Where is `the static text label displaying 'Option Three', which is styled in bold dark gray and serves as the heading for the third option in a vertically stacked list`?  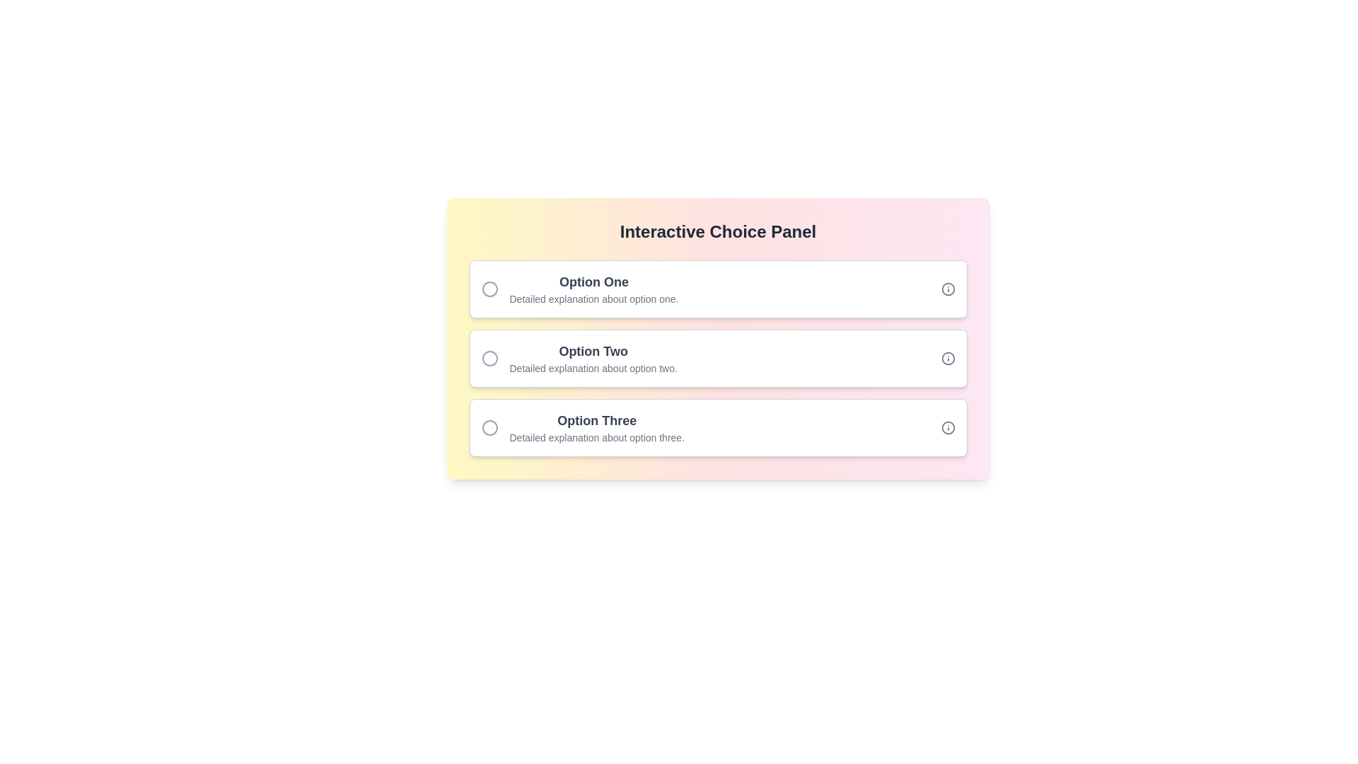
the static text label displaying 'Option Three', which is styled in bold dark gray and serves as the heading for the third option in a vertically stacked list is located at coordinates (597, 419).